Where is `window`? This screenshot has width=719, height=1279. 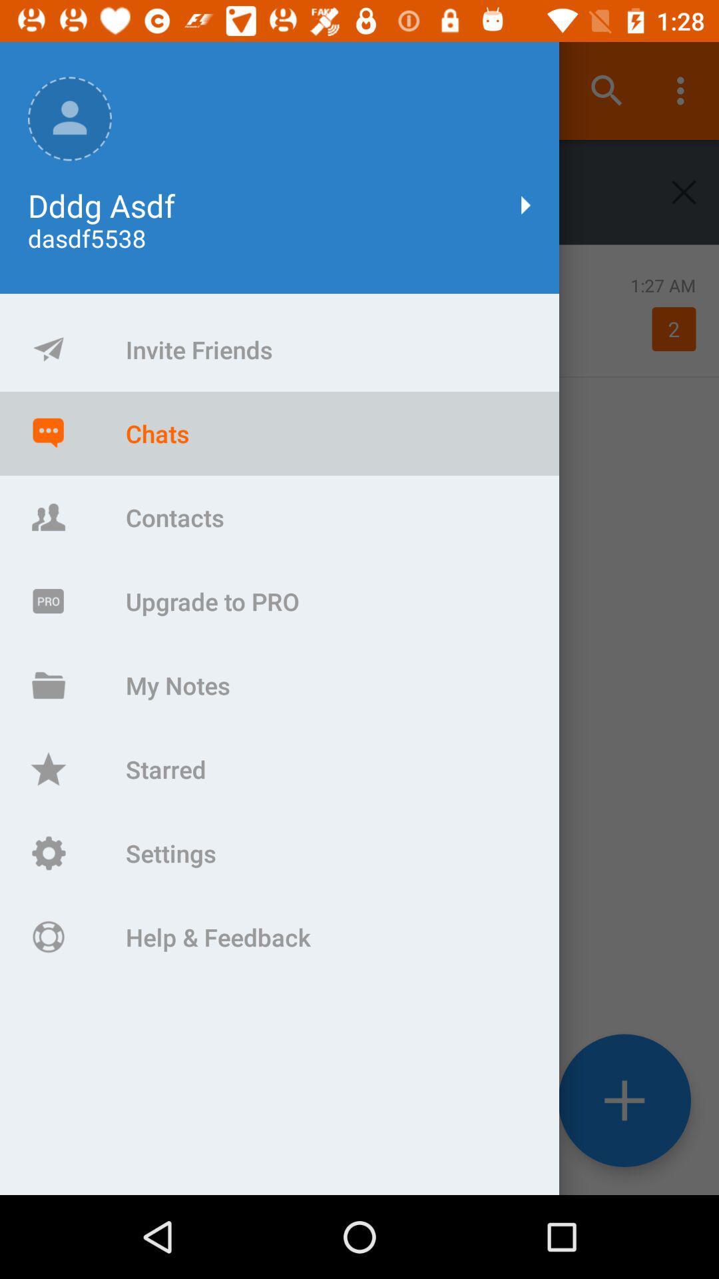 window is located at coordinates (684, 191).